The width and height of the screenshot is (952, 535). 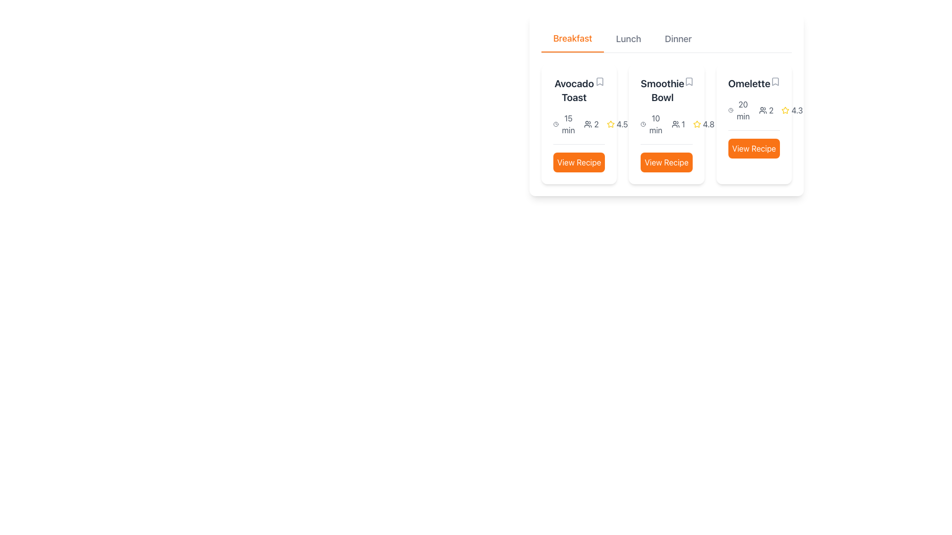 I want to click on the Informative Label with Icon displaying '15 min' and a clock icon, located in the leftmost card under the 'Breakfast' section, below 'Avocado Toast' and above the 'View Recipe' button, so click(x=565, y=123).